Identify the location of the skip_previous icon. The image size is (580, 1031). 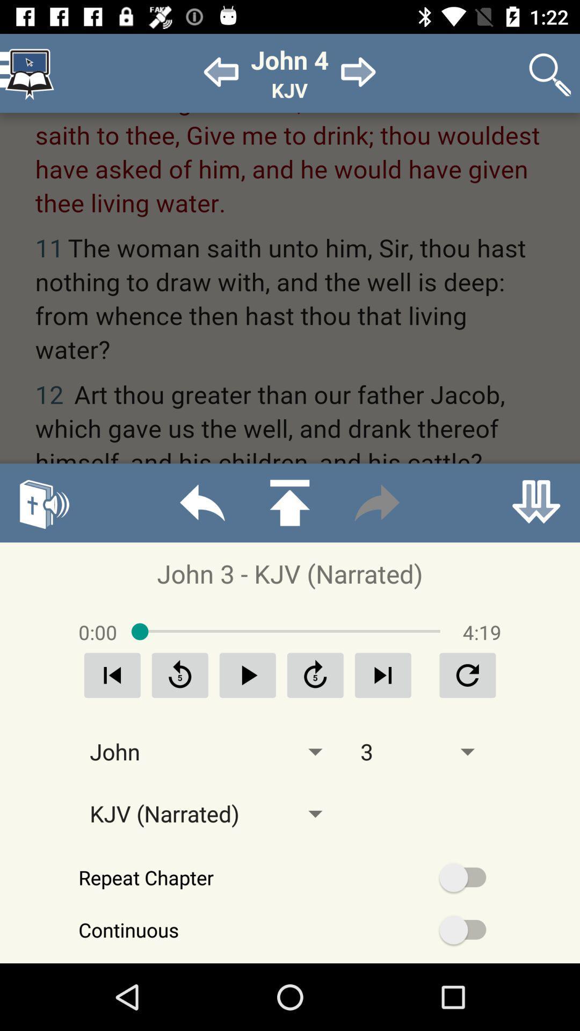
(112, 674).